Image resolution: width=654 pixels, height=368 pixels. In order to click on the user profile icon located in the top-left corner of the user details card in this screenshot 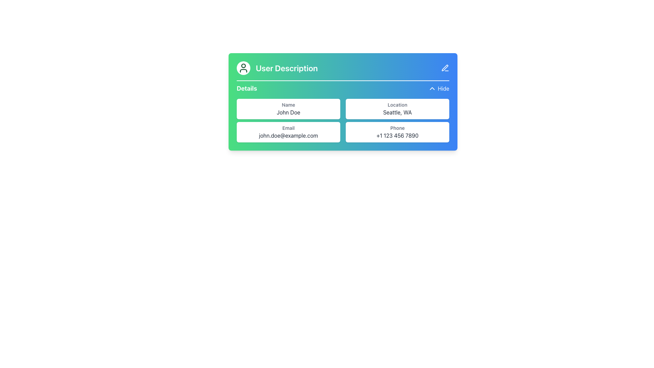, I will do `click(244, 68)`.